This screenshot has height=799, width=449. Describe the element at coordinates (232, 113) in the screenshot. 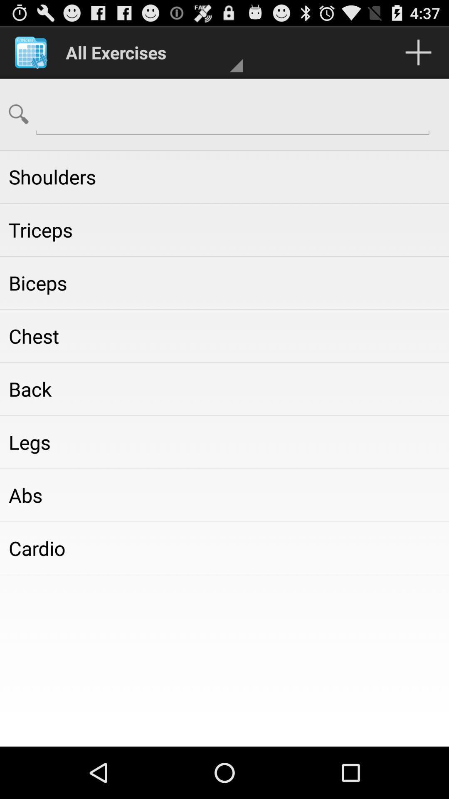

I see `search option` at that location.